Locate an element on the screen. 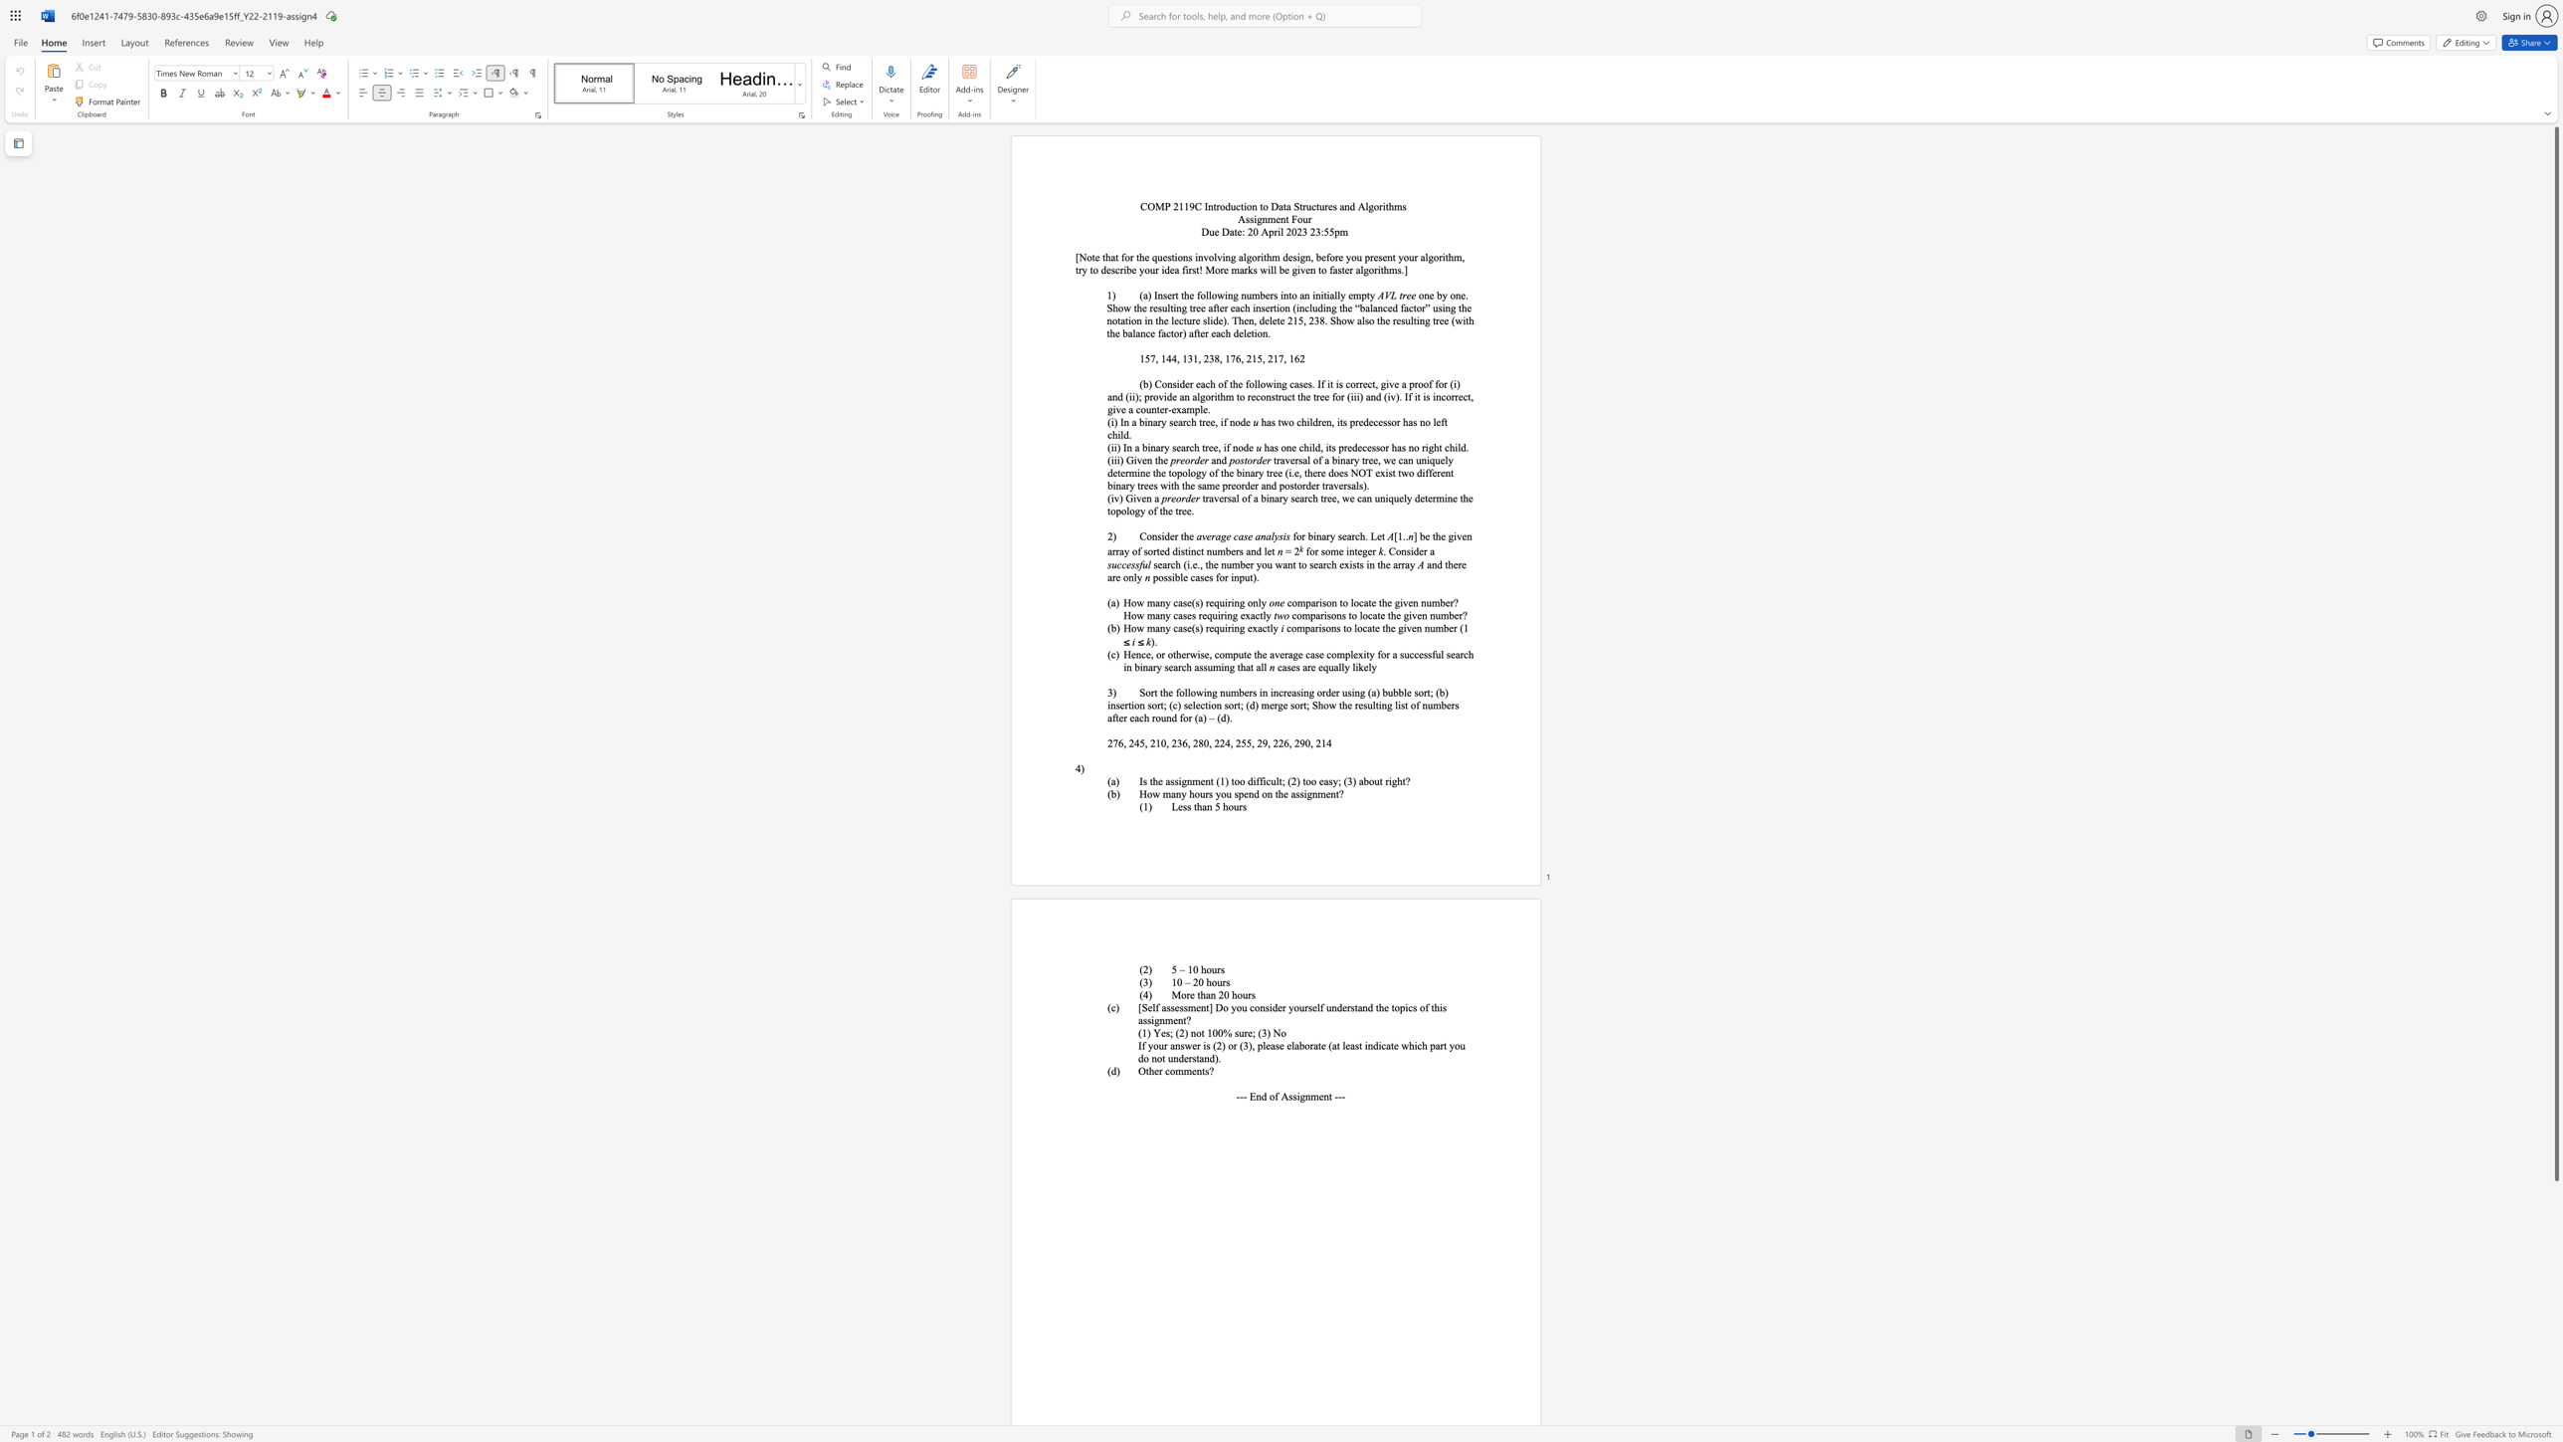  the subset text "lexity for a" within the text "Hence, or otherwise, compute the average case complexity for a successful search in binary search assuming that all" is located at coordinates (1349, 653).